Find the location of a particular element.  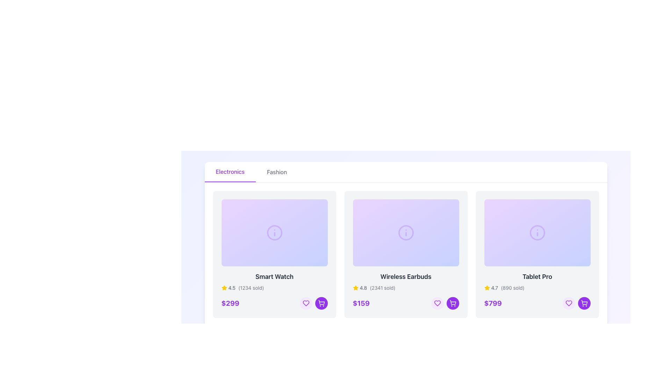

numerical rating text label displaying '4.7', which is positioned immediately to the right of a yellow star icon and to the left of the text '(890 sold)' in the product grid for 'Tablet Pro' is located at coordinates (494, 288).